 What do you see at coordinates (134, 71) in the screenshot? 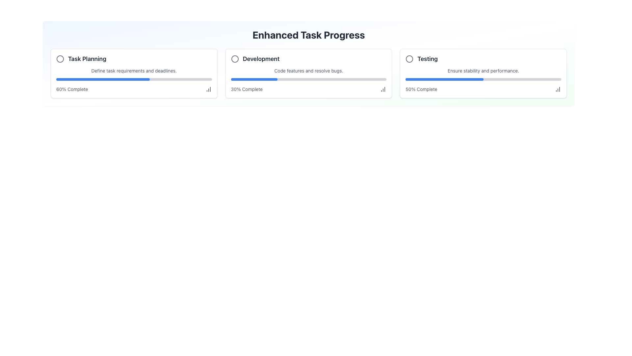
I see `the text block that describes the 'Task Planning' process, located within the first card labeled 'Enhanced Task Progress', positioned below the title 'Task Planning' and above the blue progress bar indicating '60% Complete'` at bounding box center [134, 71].